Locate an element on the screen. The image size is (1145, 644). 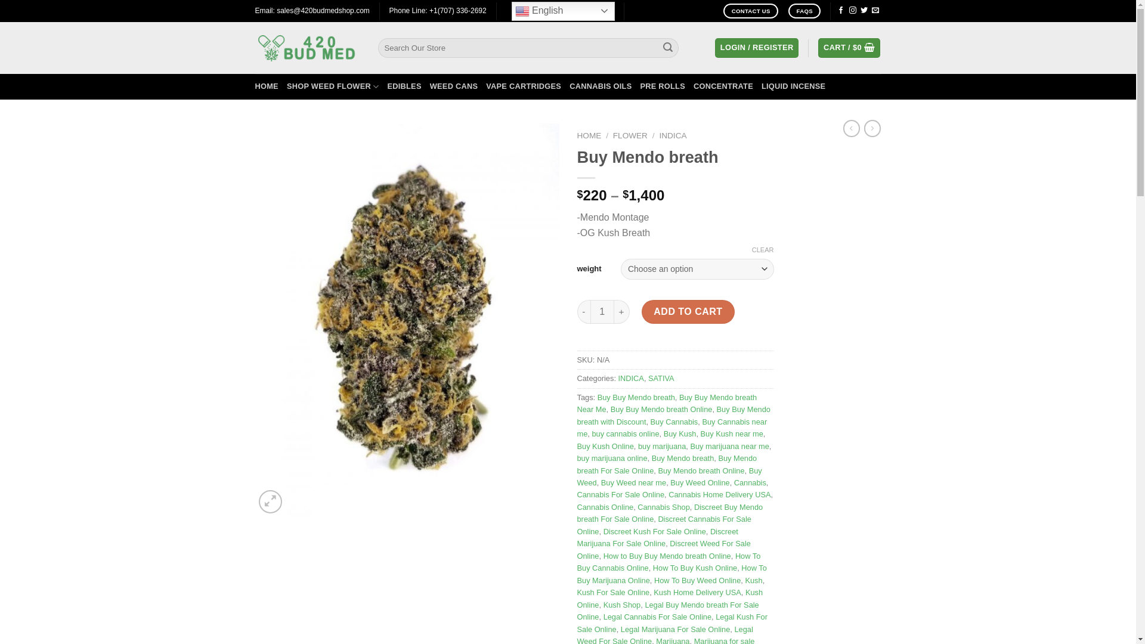
'Send us an email' is located at coordinates (872, 11).